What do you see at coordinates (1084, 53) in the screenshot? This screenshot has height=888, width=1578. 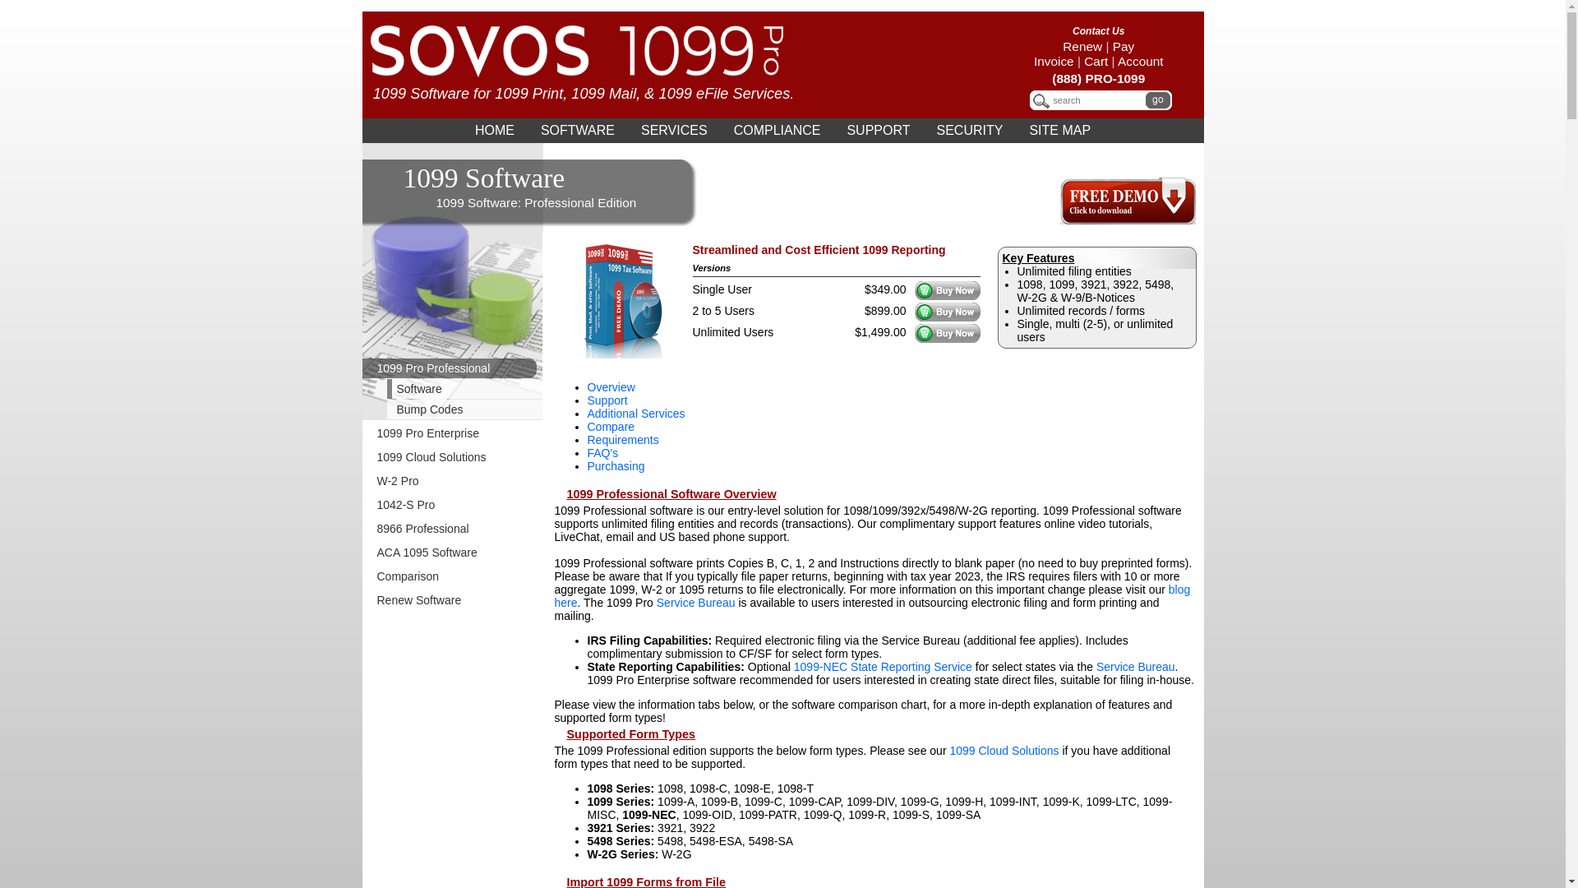 I see `'Pay Invoice'` at bounding box center [1084, 53].